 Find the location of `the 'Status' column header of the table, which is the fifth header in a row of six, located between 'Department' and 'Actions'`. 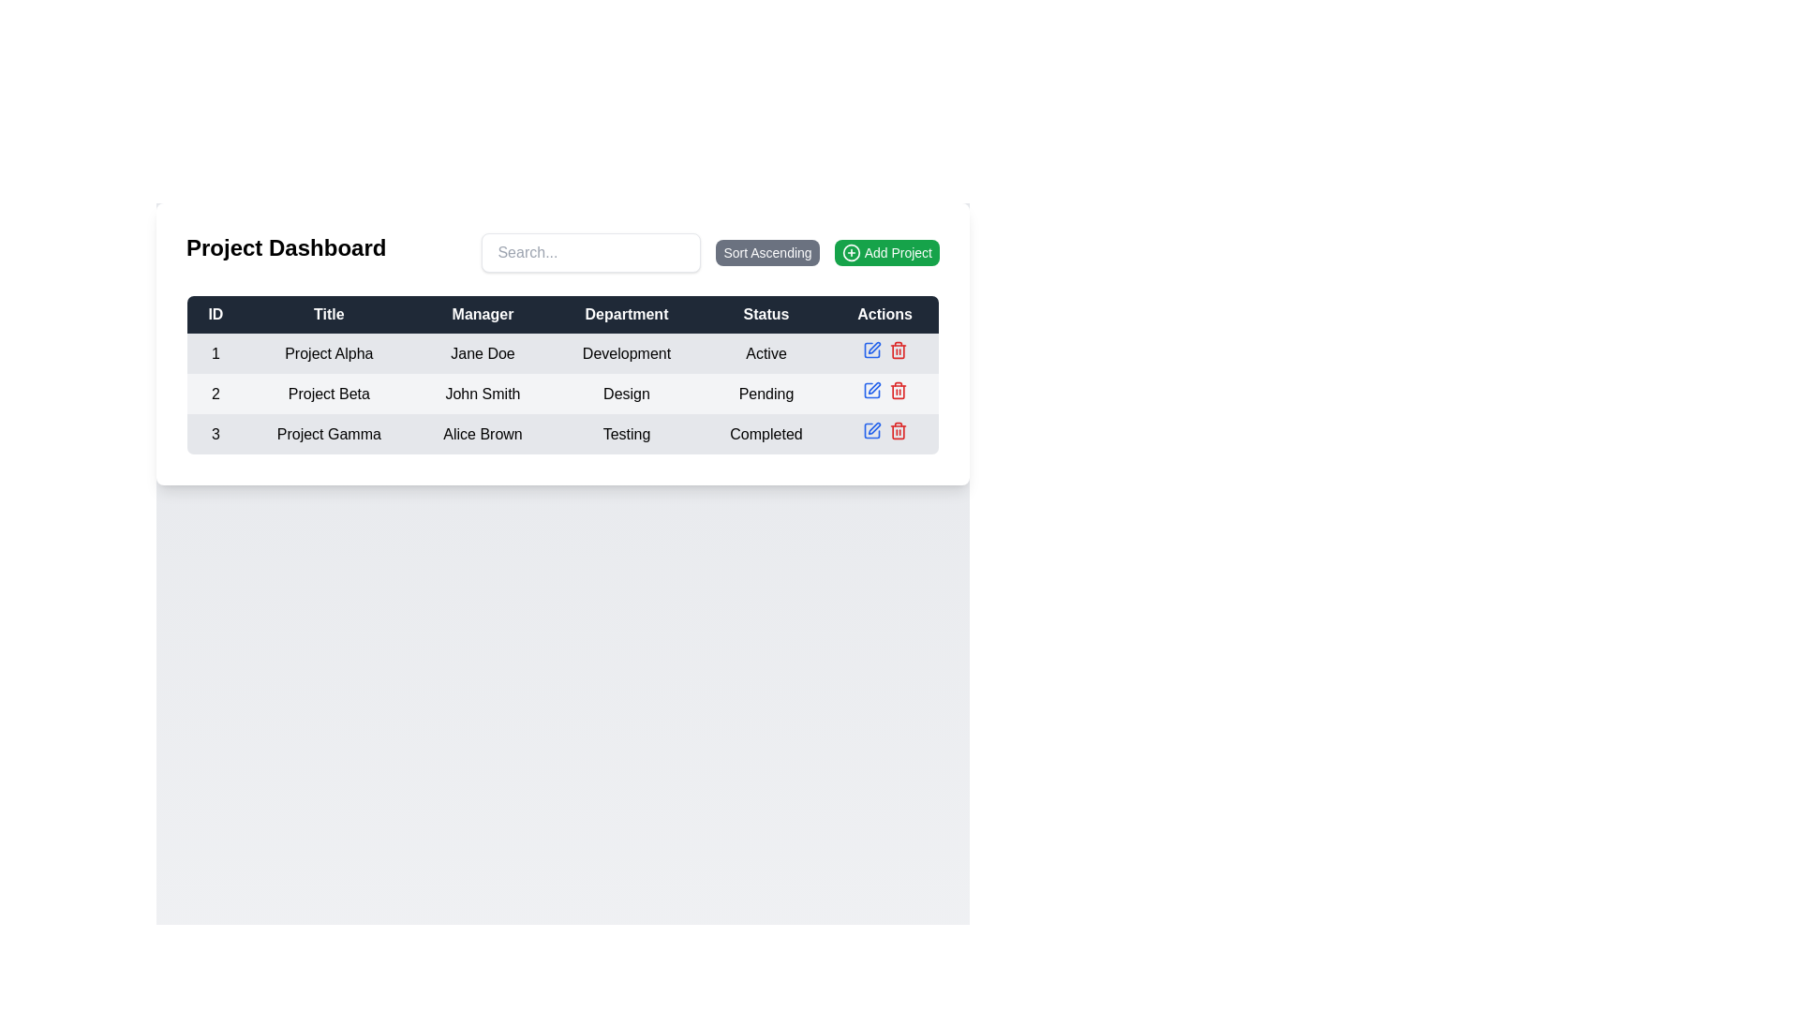

the 'Status' column header of the table, which is the fifth header in a row of six, located between 'Department' and 'Actions' is located at coordinates (766, 313).